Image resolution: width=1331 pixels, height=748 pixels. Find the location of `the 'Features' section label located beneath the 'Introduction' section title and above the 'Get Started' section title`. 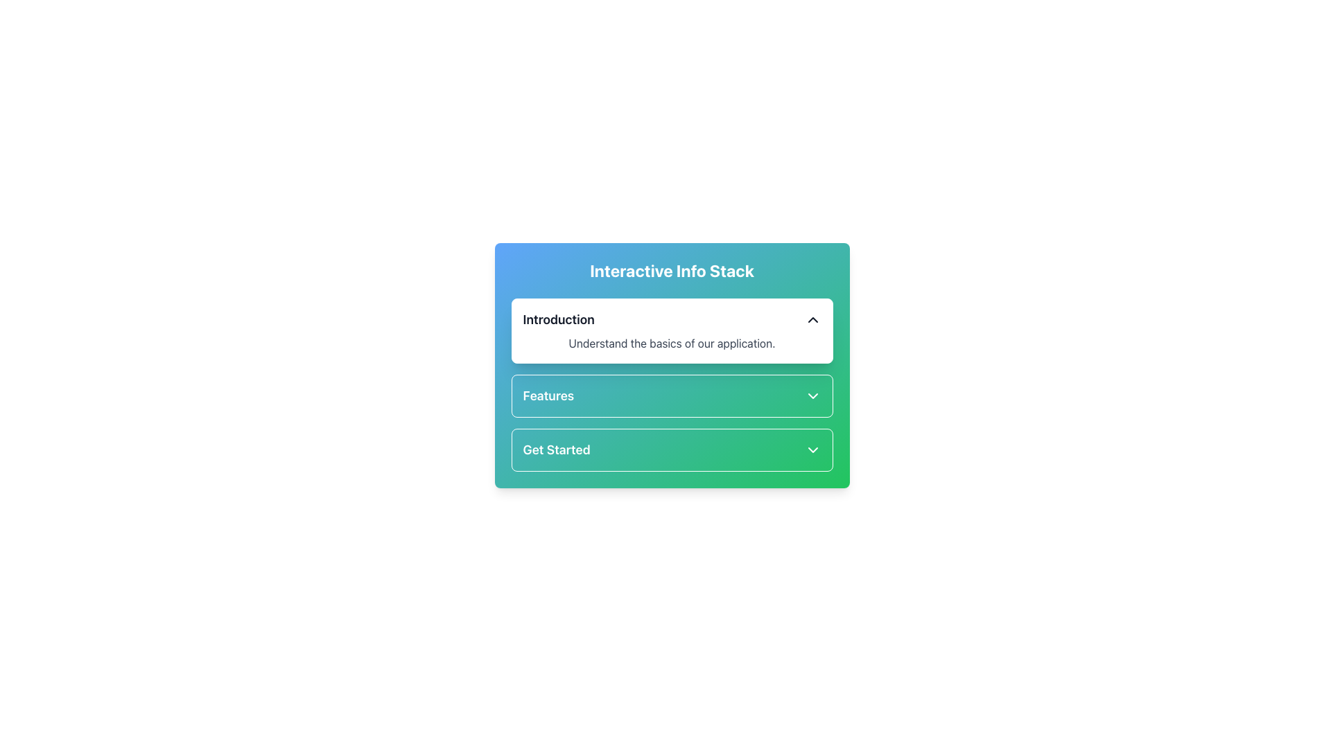

the 'Features' section label located beneath the 'Introduction' section title and above the 'Get Started' section title is located at coordinates (548, 395).